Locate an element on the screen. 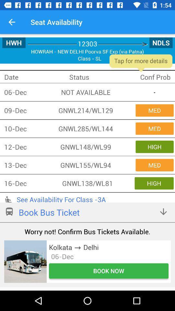  the book now is located at coordinates (109, 271).